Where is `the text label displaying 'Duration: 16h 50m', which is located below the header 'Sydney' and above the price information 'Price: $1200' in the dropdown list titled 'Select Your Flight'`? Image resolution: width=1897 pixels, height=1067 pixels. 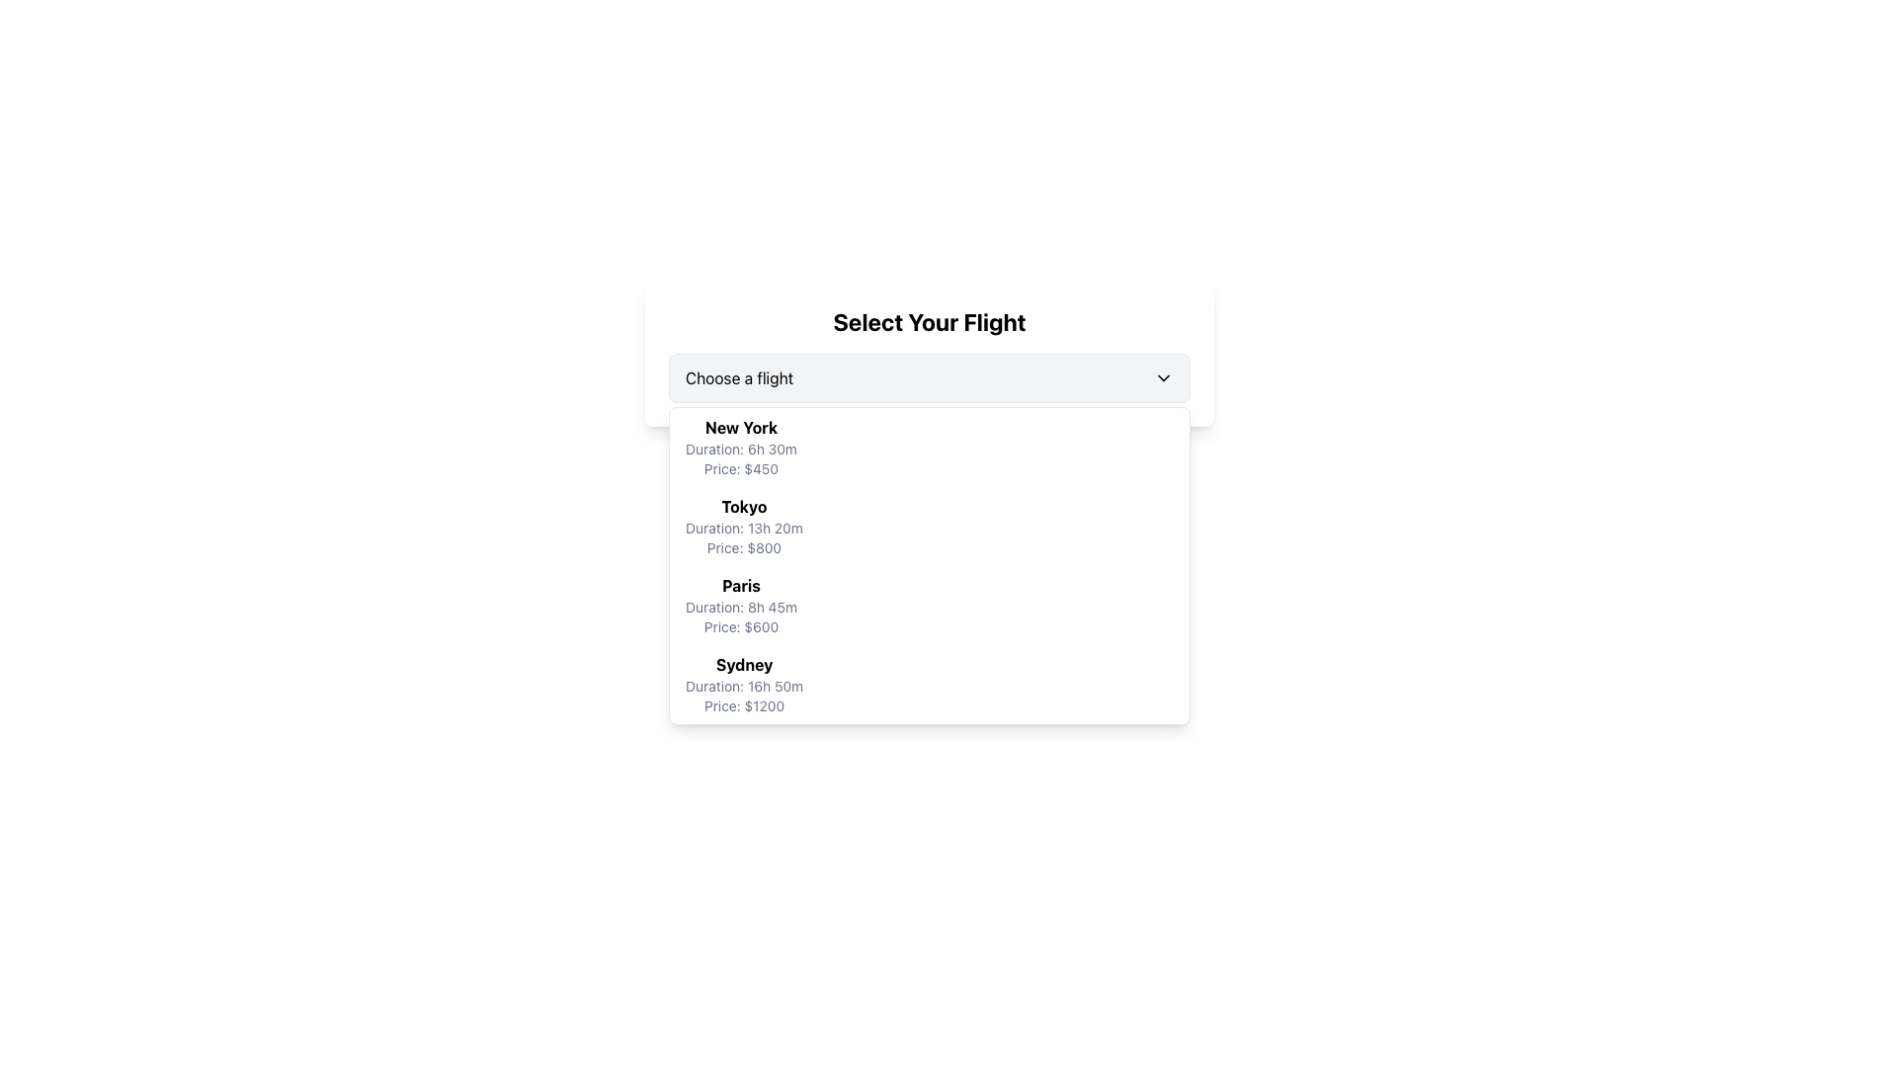
the text label displaying 'Duration: 16h 50m', which is located below the header 'Sydney' and above the price information 'Price: $1200' in the dropdown list titled 'Select Your Flight' is located at coordinates (743, 685).